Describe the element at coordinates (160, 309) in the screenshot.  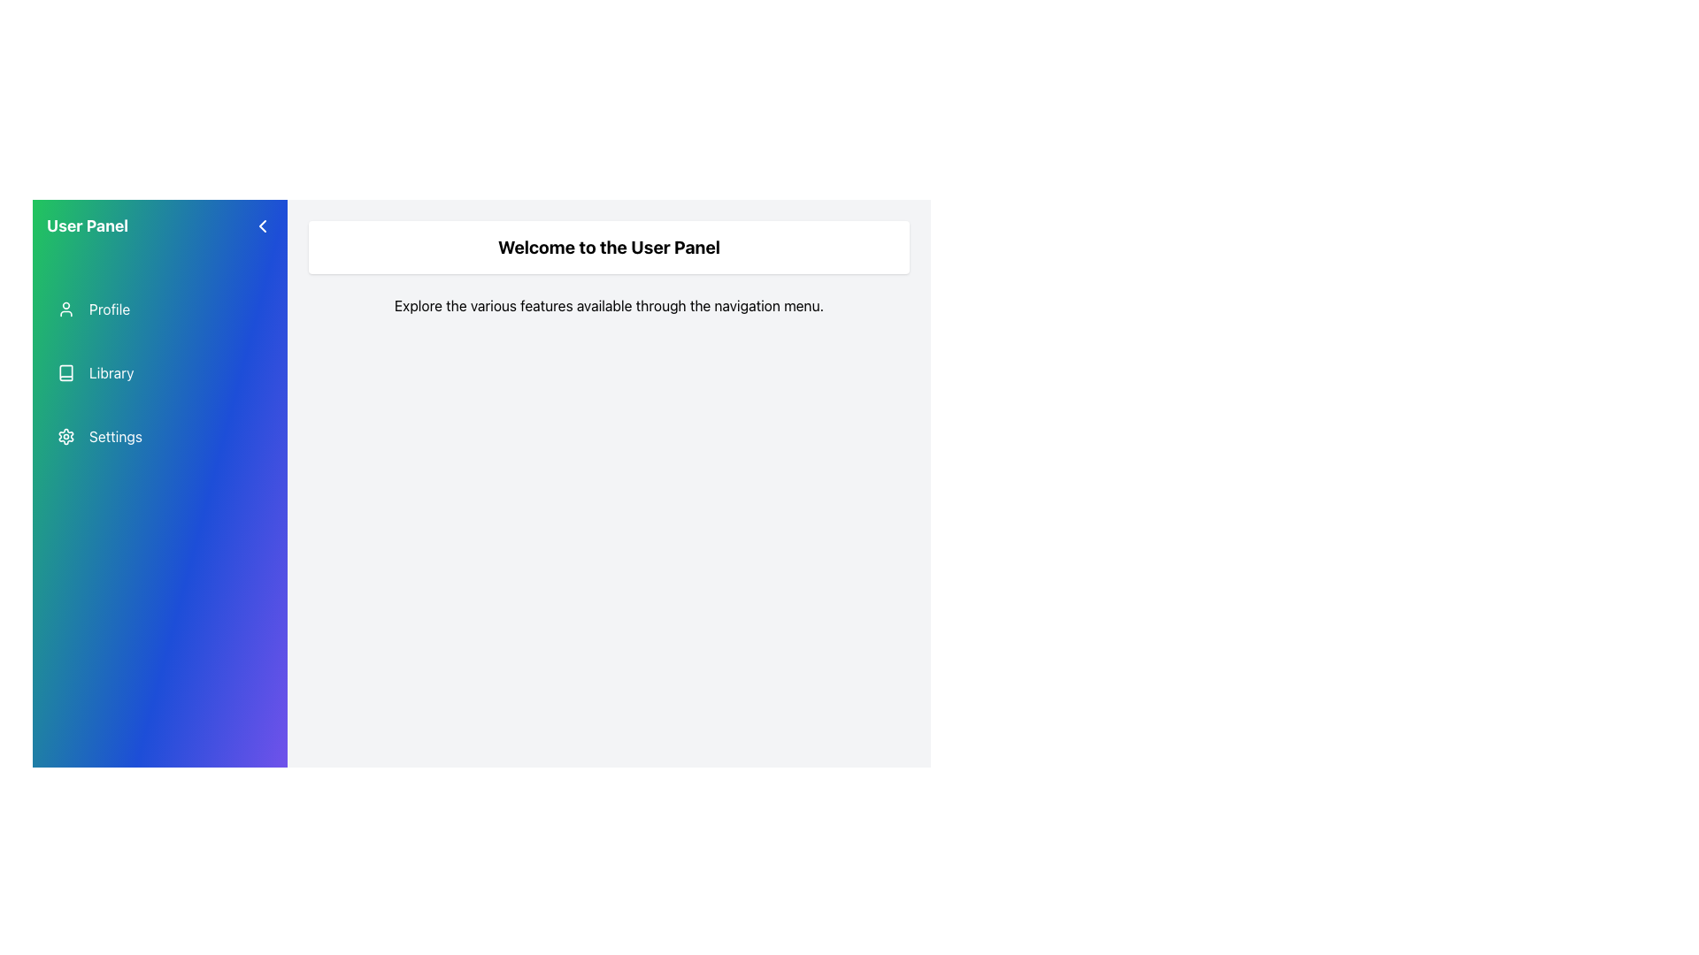
I see `the topmost navigation menu item for the 'Profile' section in the gradient-colored sidebar to apply a hover style` at that location.